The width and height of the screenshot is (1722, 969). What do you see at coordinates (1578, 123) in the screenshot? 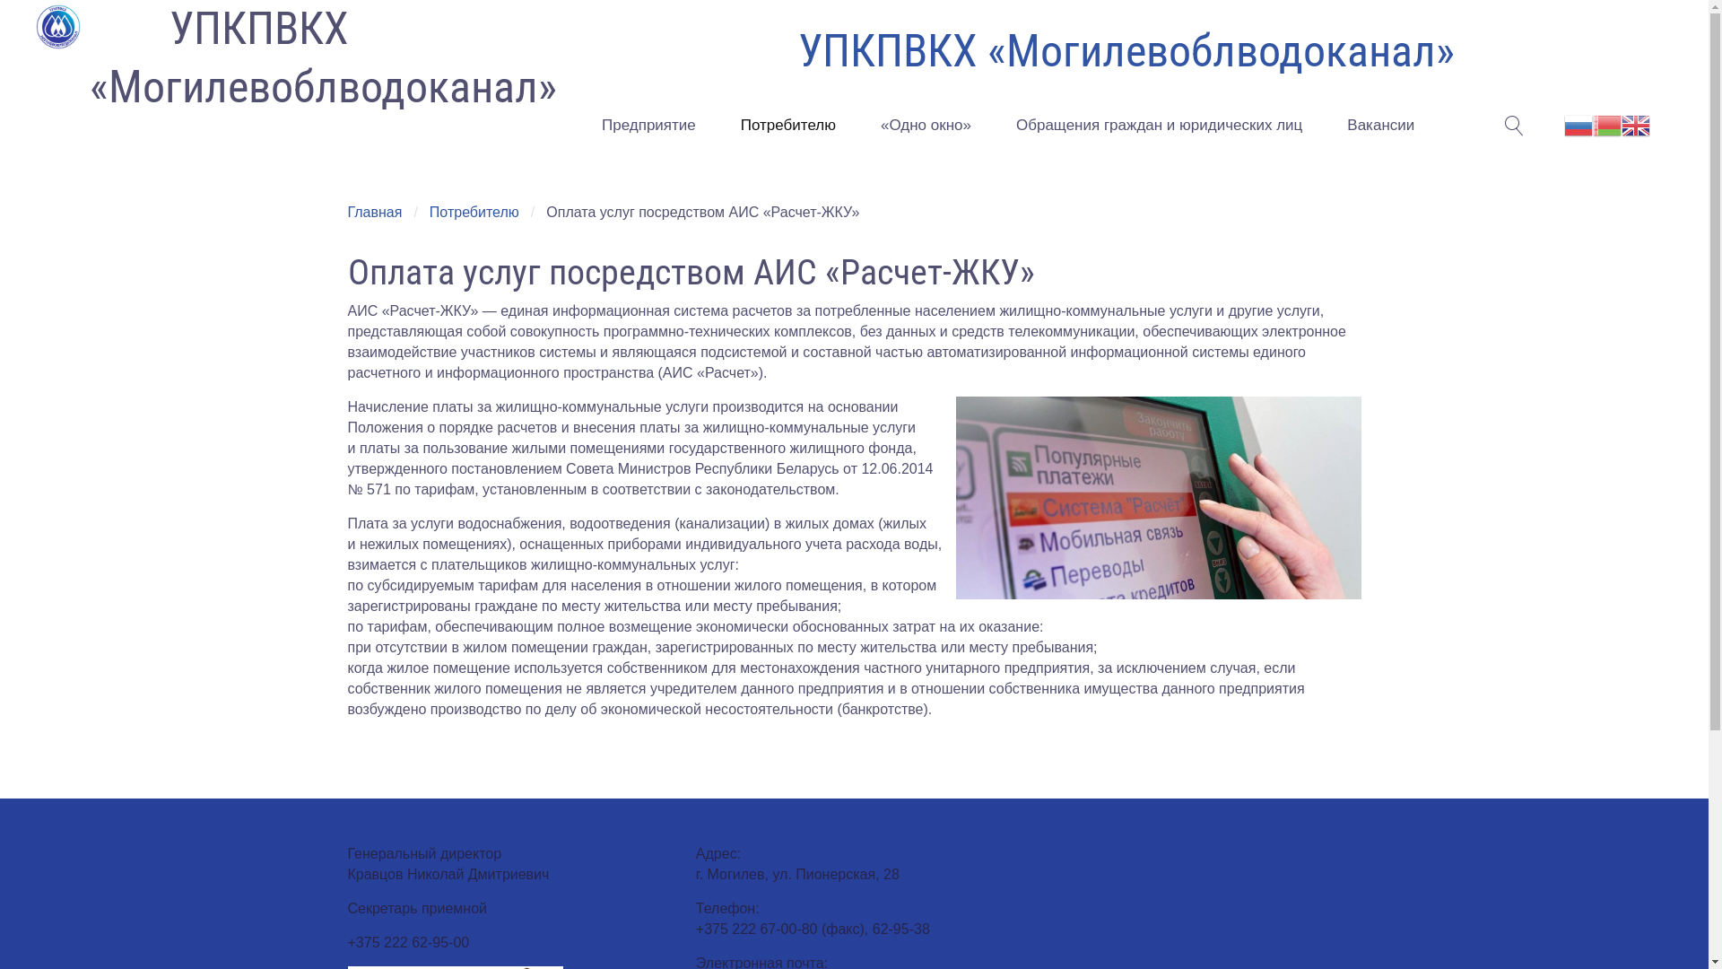
I see `'Russian'` at bounding box center [1578, 123].